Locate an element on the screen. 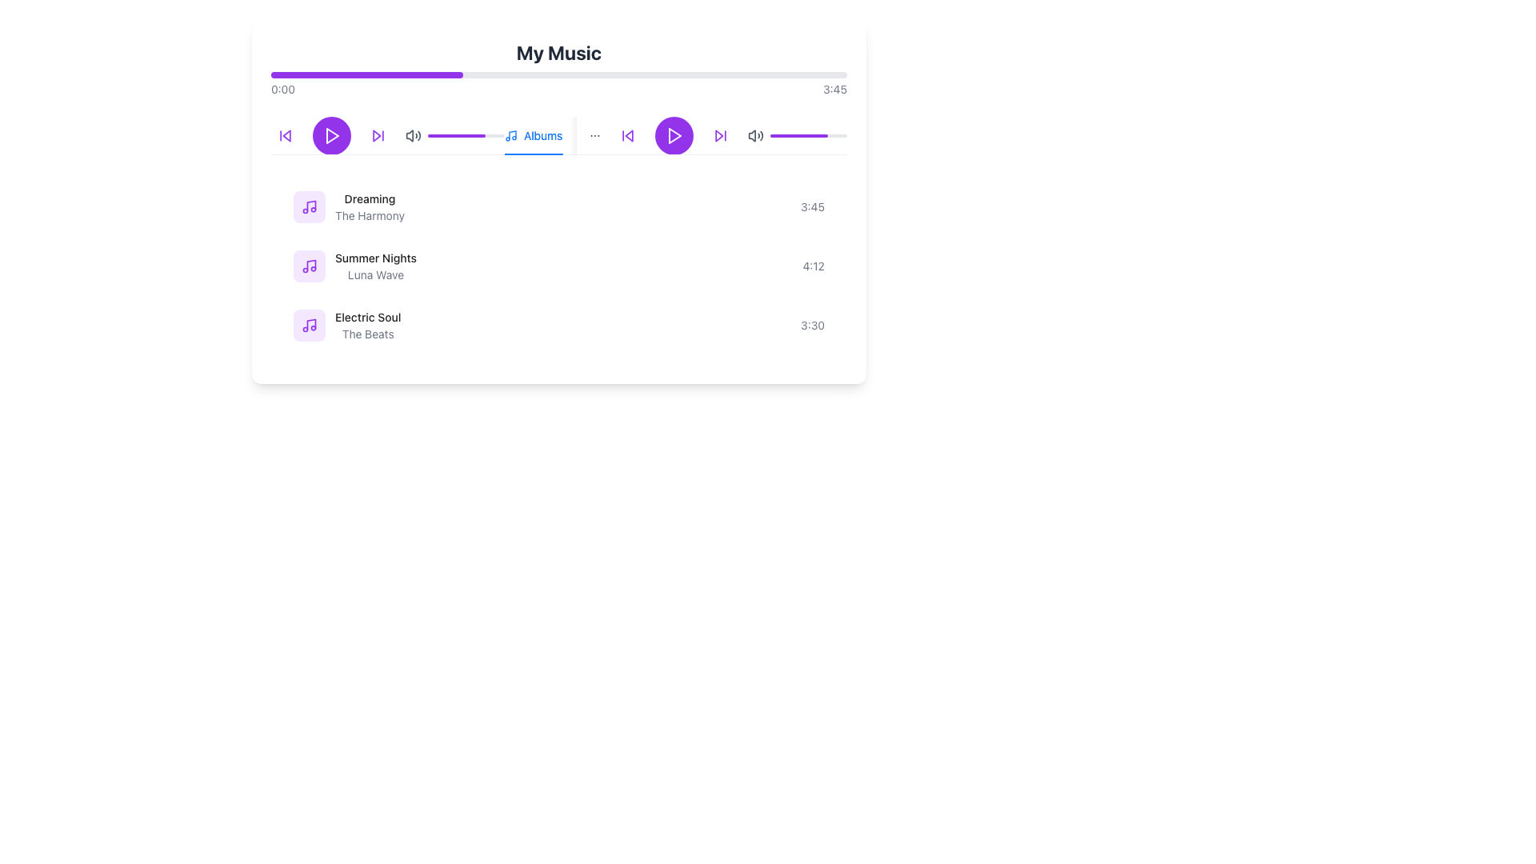 Image resolution: width=1536 pixels, height=864 pixels. the third tab item in the navigation interface is located at coordinates (697, 134).